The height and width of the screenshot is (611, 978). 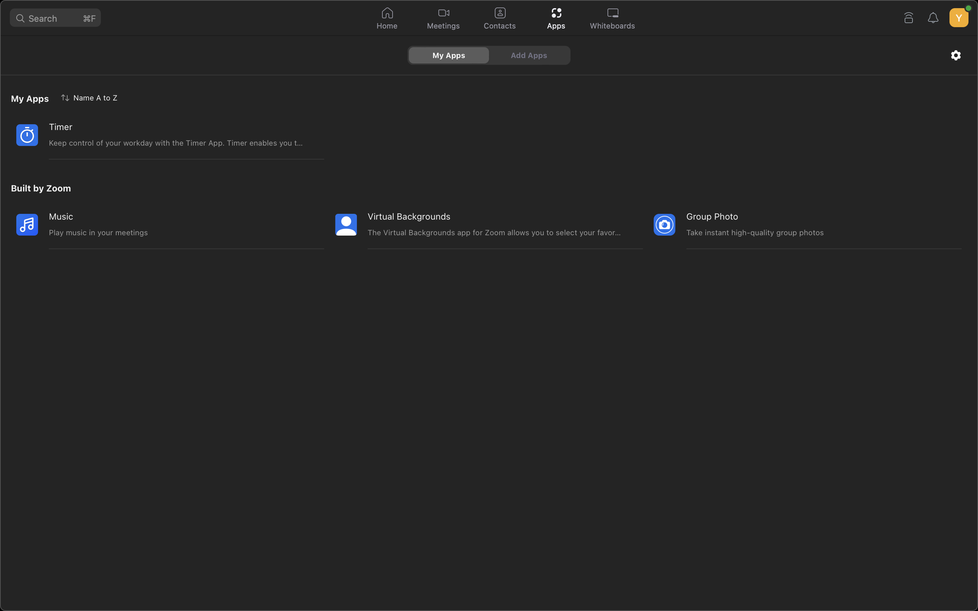 I want to click on the whiteboard app, so click(x=613, y=19).